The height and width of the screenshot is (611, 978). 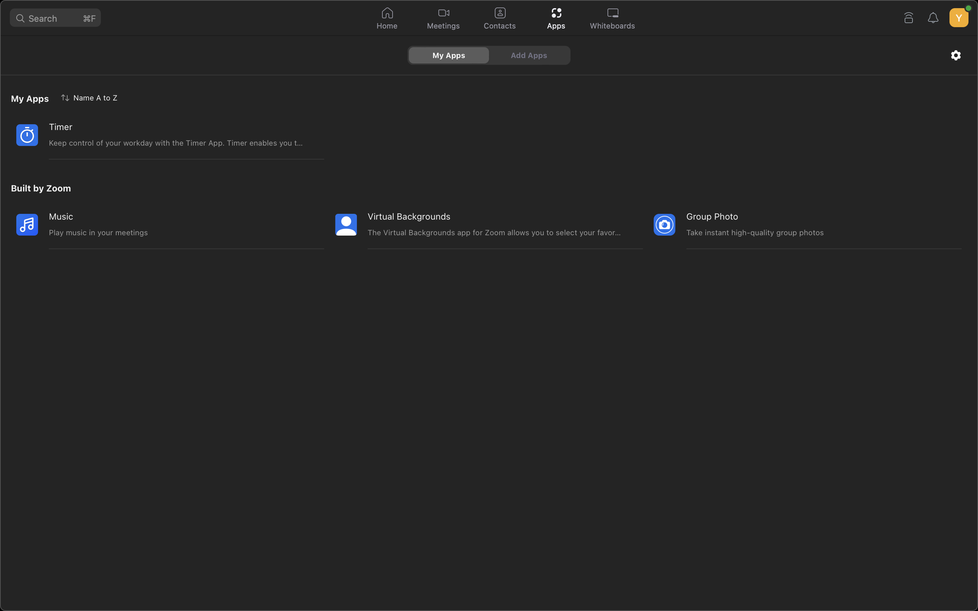 I want to click on the whiteboard app, so click(x=613, y=19).